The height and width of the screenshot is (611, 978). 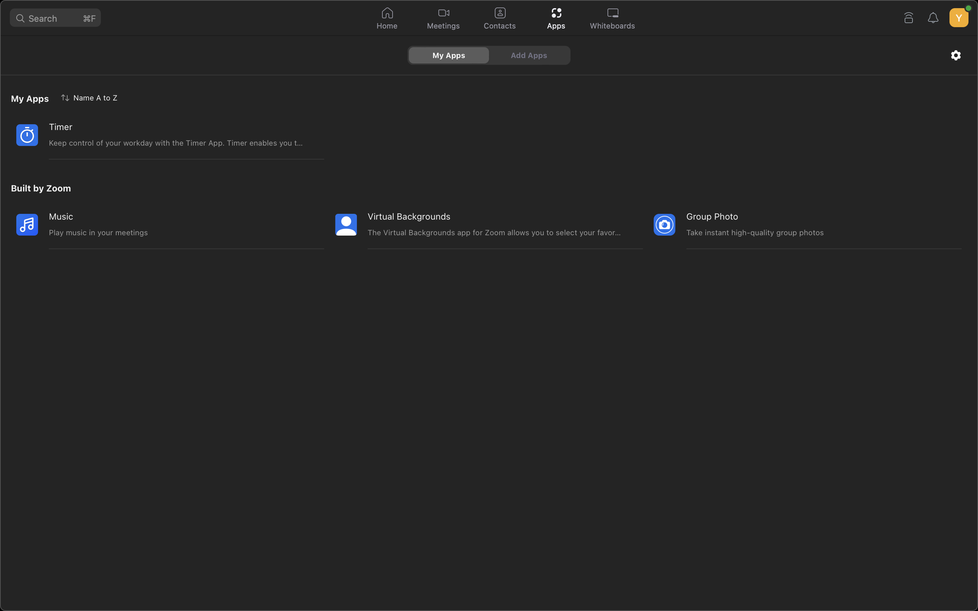 I want to click on the whiteboard app, so click(x=613, y=19).